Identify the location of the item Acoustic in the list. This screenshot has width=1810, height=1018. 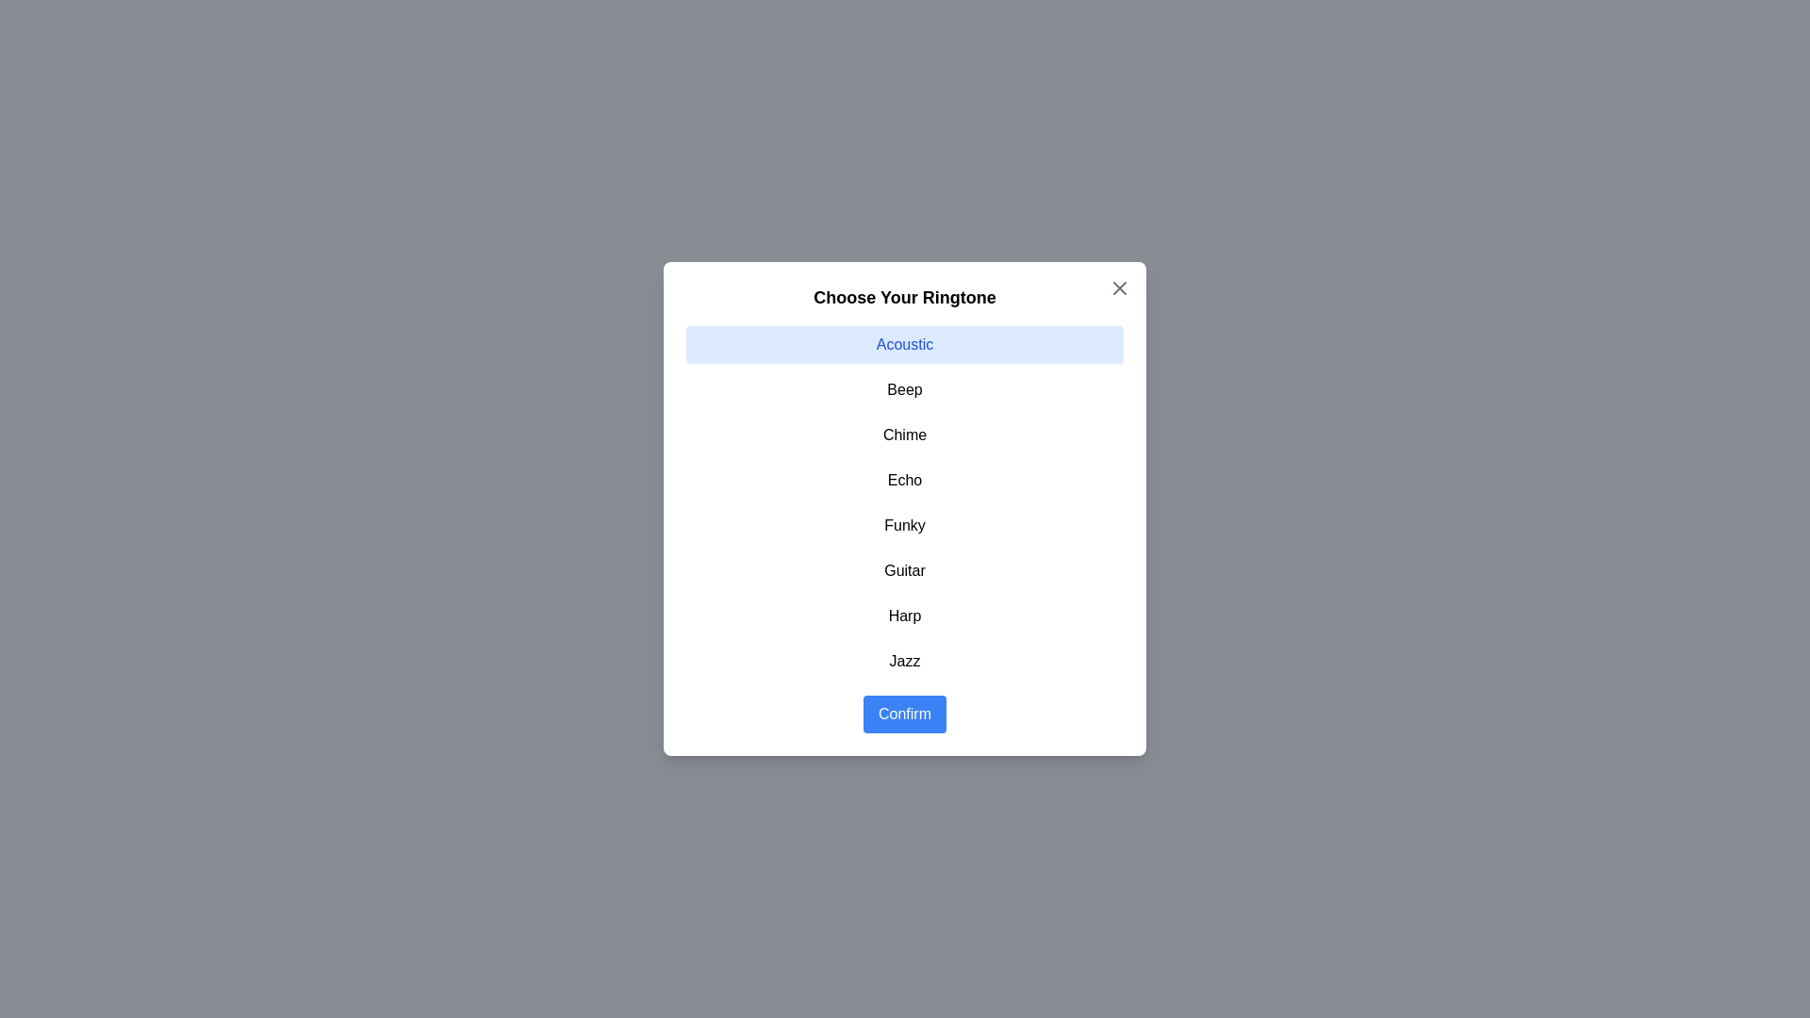
(905, 345).